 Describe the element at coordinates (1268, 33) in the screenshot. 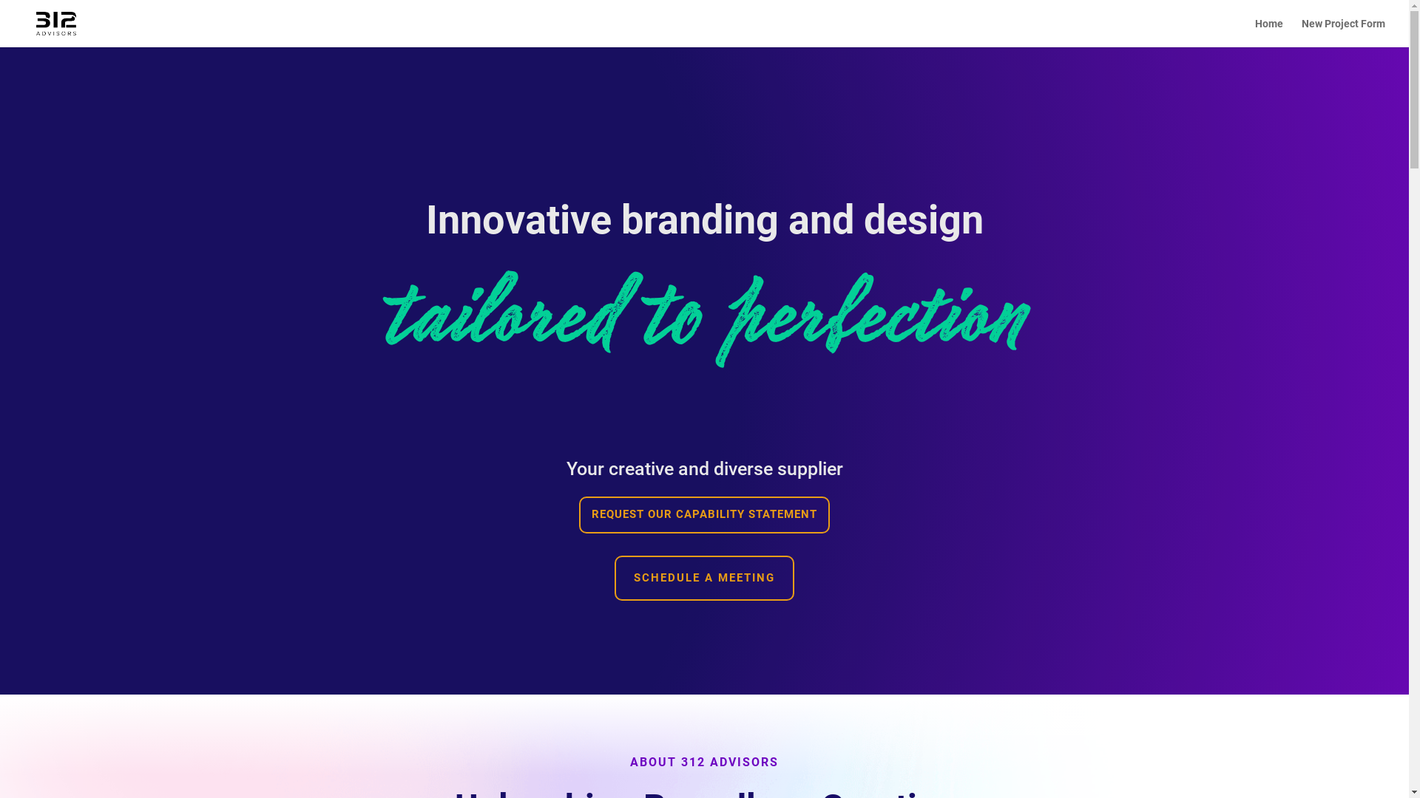

I see `'Home'` at that location.